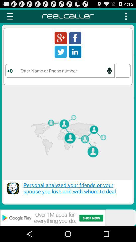 The width and height of the screenshot is (136, 242). Describe the element at coordinates (10, 16) in the screenshot. I see `settings` at that location.